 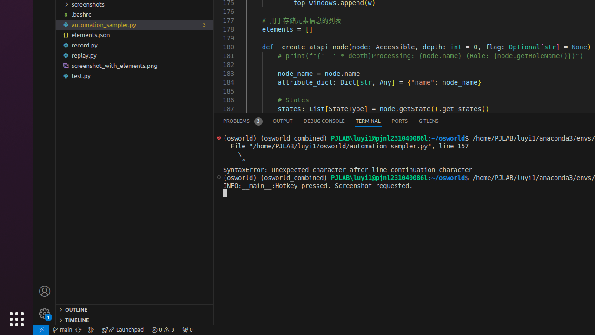 What do you see at coordinates (134, 319) in the screenshot?
I see `'Timeline Section'` at bounding box center [134, 319].